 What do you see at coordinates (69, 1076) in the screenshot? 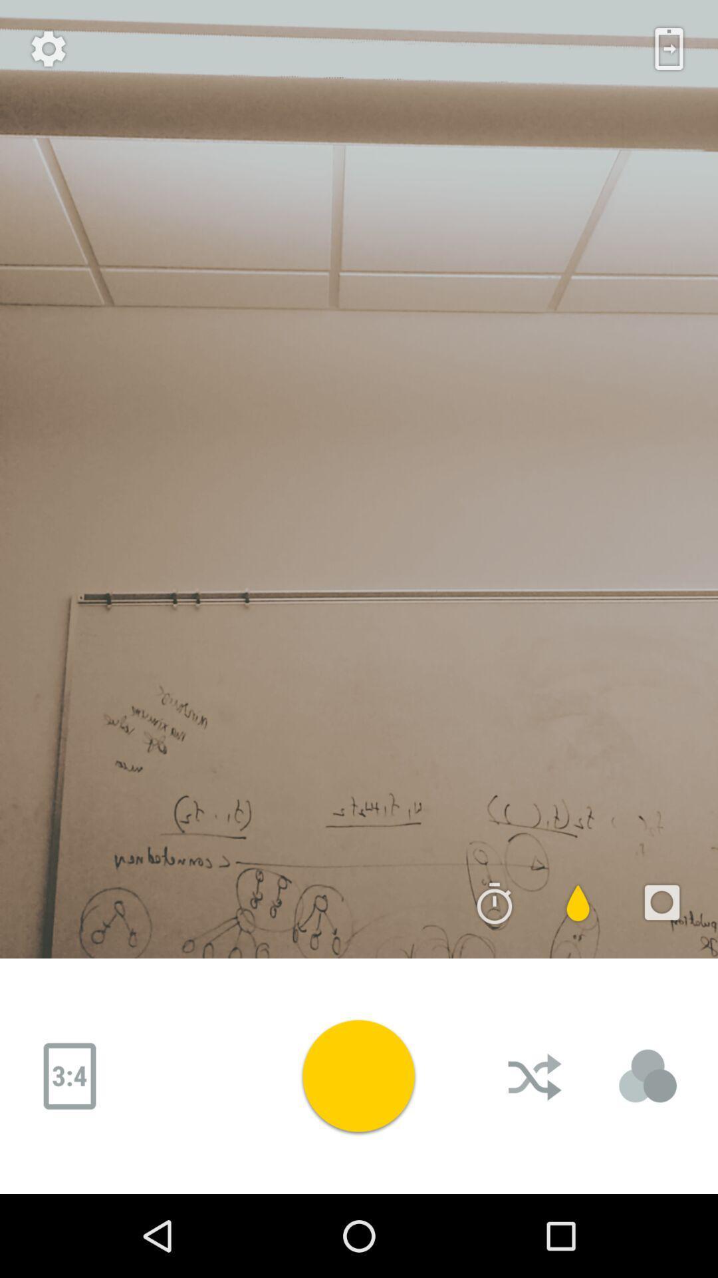
I see `display 3:4` at bounding box center [69, 1076].